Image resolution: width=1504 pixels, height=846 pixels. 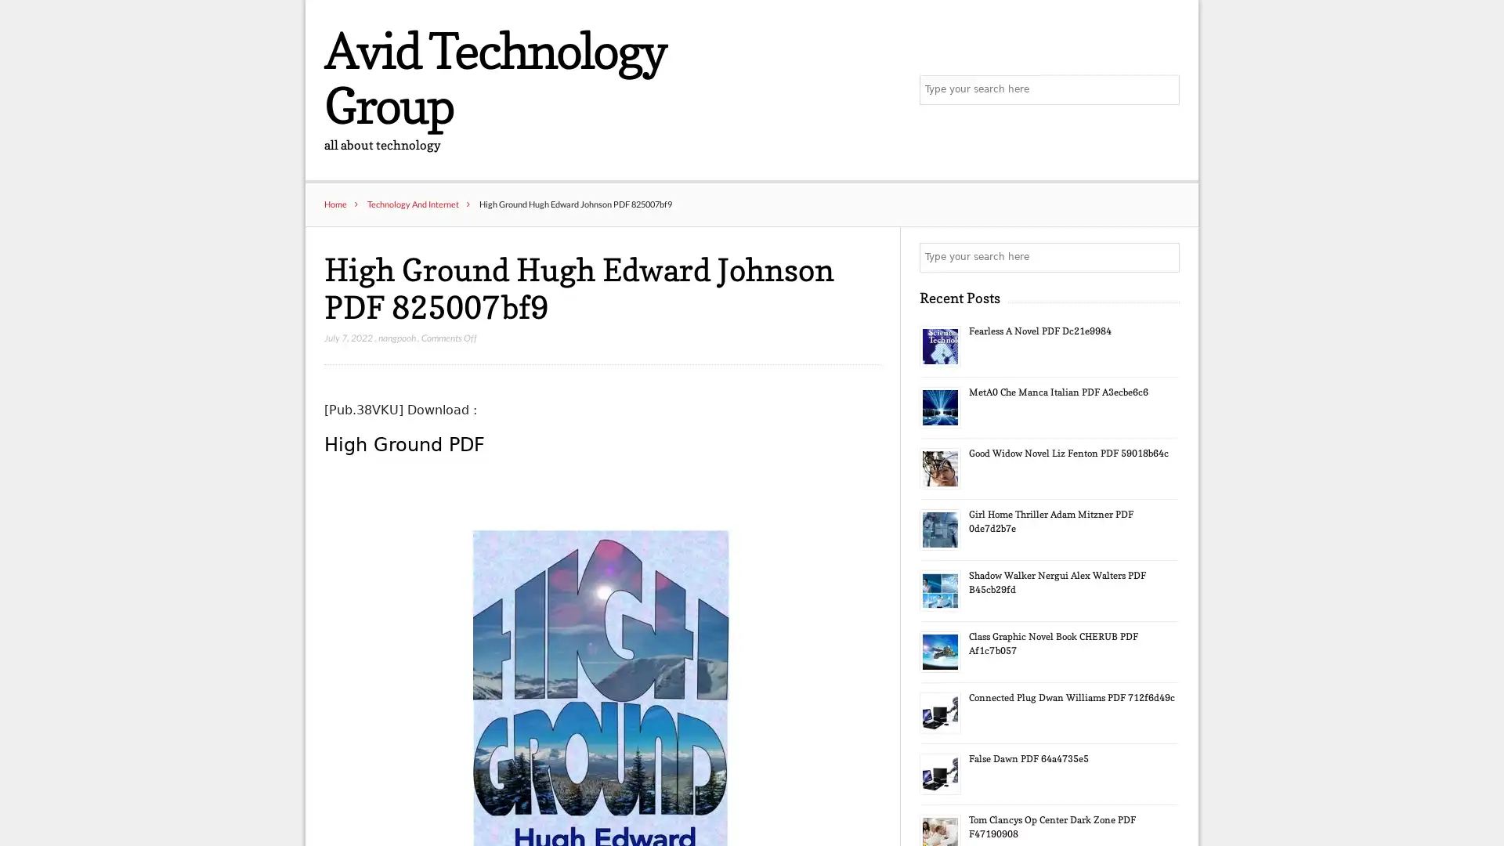 What do you see at coordinates (1163, 90) in the screenshot?
I see `Search` at bounding box center [1163, 90].